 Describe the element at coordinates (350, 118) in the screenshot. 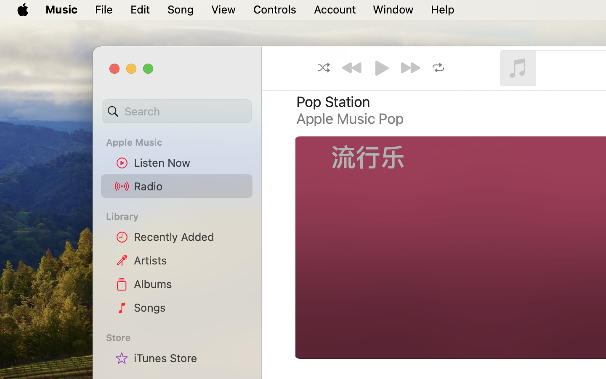

I see `'Apple Music Pop'` at that location.